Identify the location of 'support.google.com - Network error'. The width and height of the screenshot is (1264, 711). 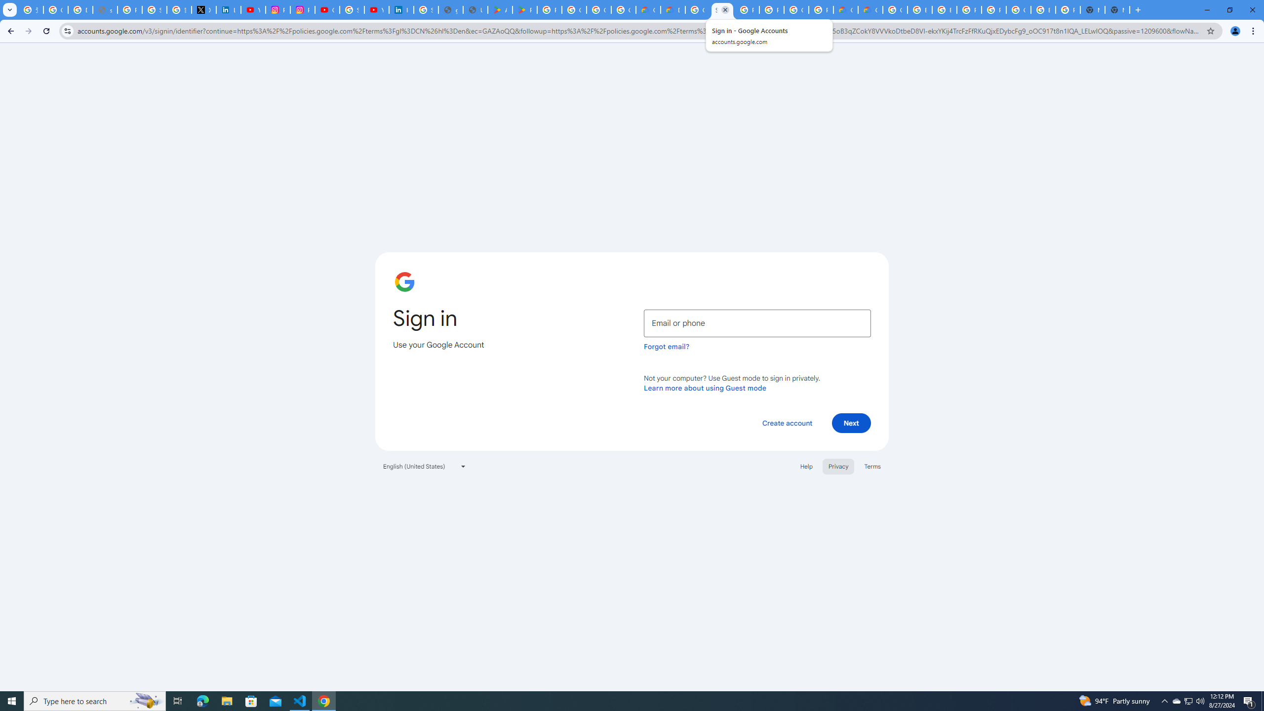
(104, 9).